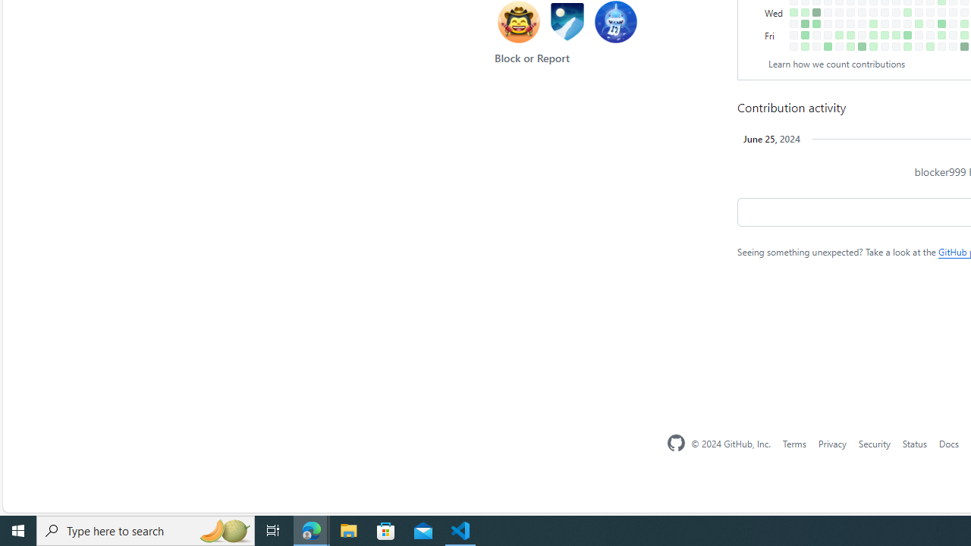  What do you see at coordinates (862, 45) in the screenshot?
I see `'8 contributions on February 17th.'` at bounding box center [862, 45].